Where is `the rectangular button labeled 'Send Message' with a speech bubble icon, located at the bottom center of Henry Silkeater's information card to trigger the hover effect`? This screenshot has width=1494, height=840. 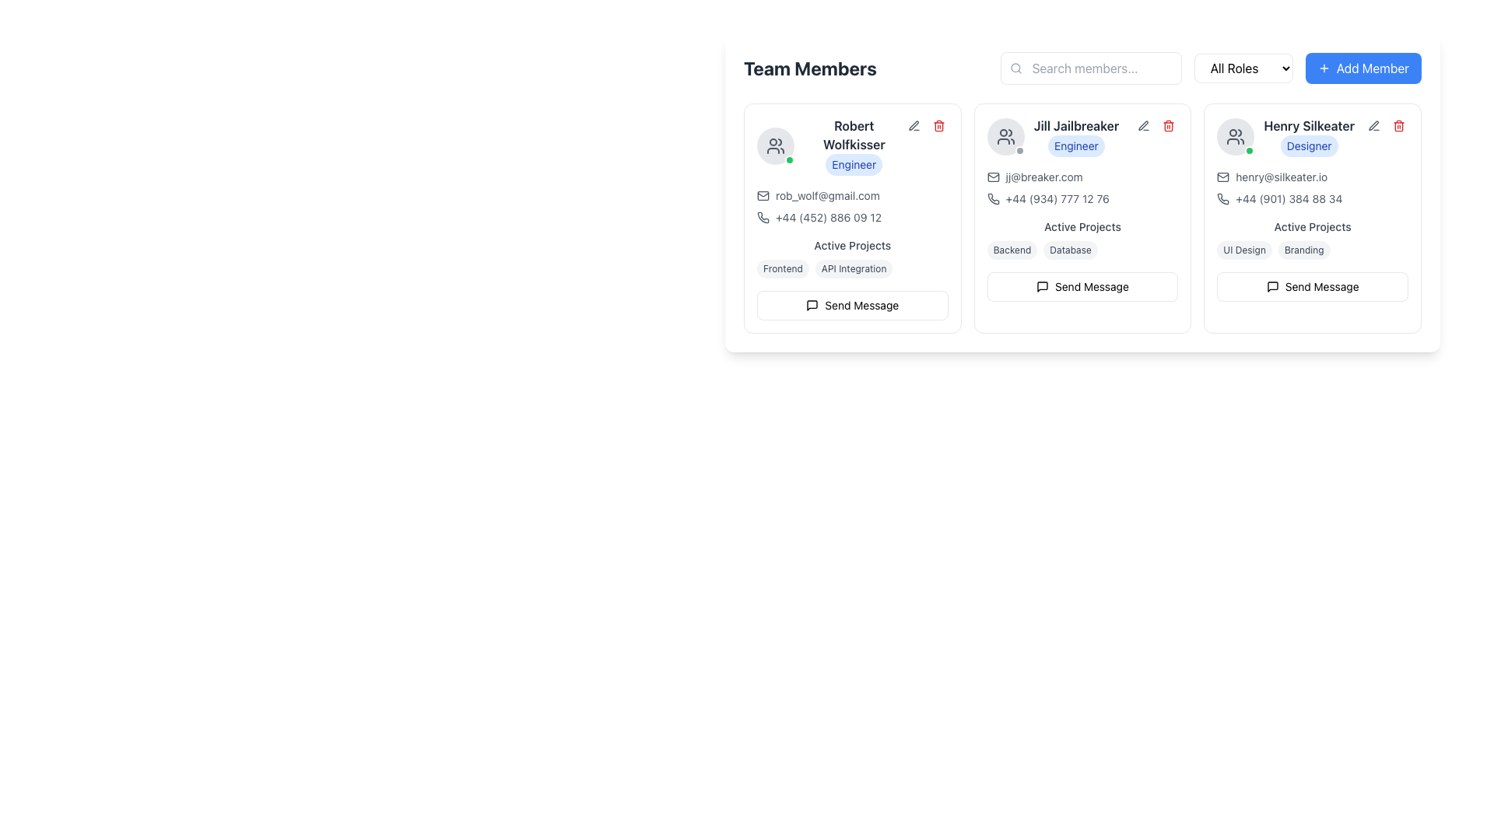
the rectangular button labeled 'Send Message' with a speech bubble icon, located at the bottom center of Henry Silkeater's information card to trigger the hover effect is located at coordinates (1312, 287).